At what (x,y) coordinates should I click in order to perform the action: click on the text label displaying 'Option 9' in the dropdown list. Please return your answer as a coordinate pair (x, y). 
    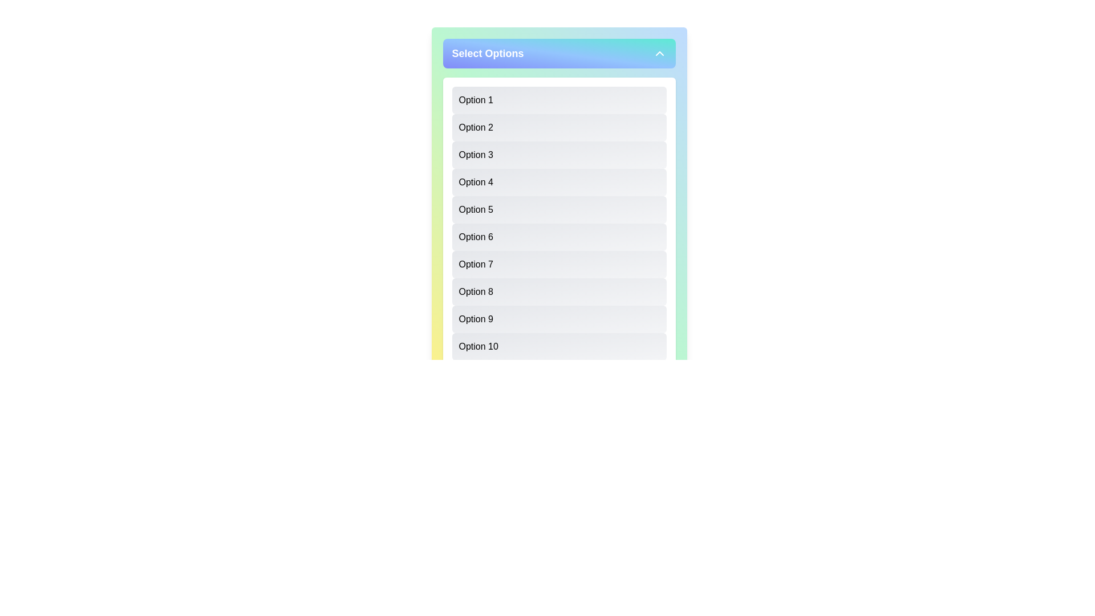
    Looking at the image, I should click on (476, 319).